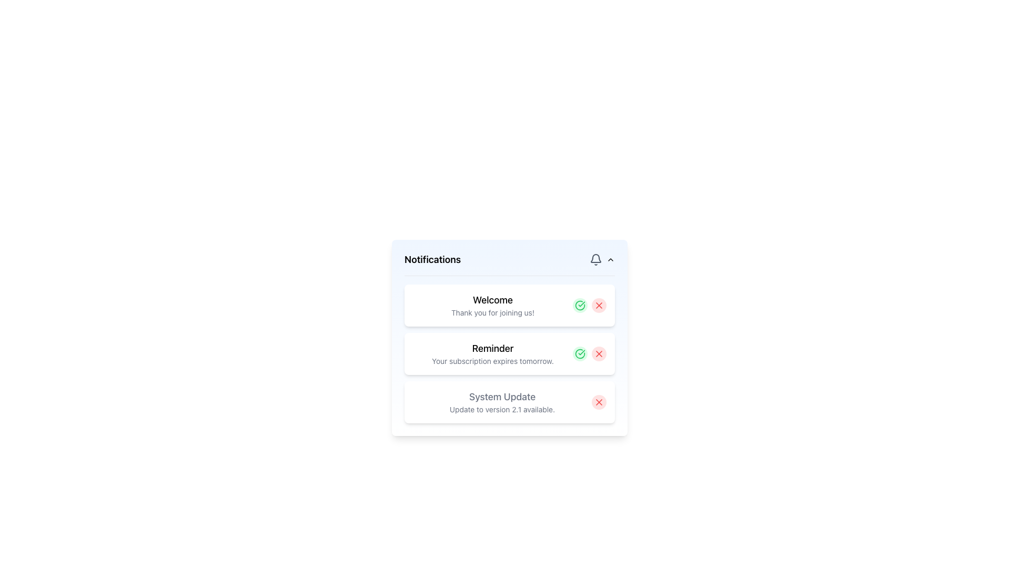 Image resolution: width=1010 pixels, height=568 pixels. Describe the element at coordinates (580, 306) in the screenshot. I see `the subtle green circular icon with an outlined checkmark next to the 'Welcome' notification message to mark the notification as acknowledged` at that location.